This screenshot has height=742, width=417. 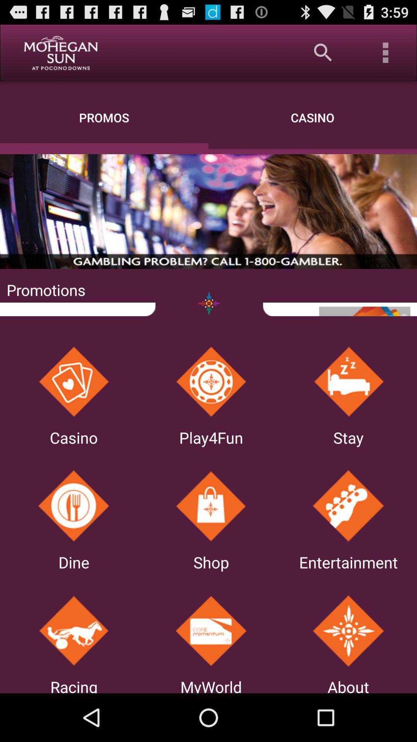 I want to click on the search icon, so click(x=323, y=52).